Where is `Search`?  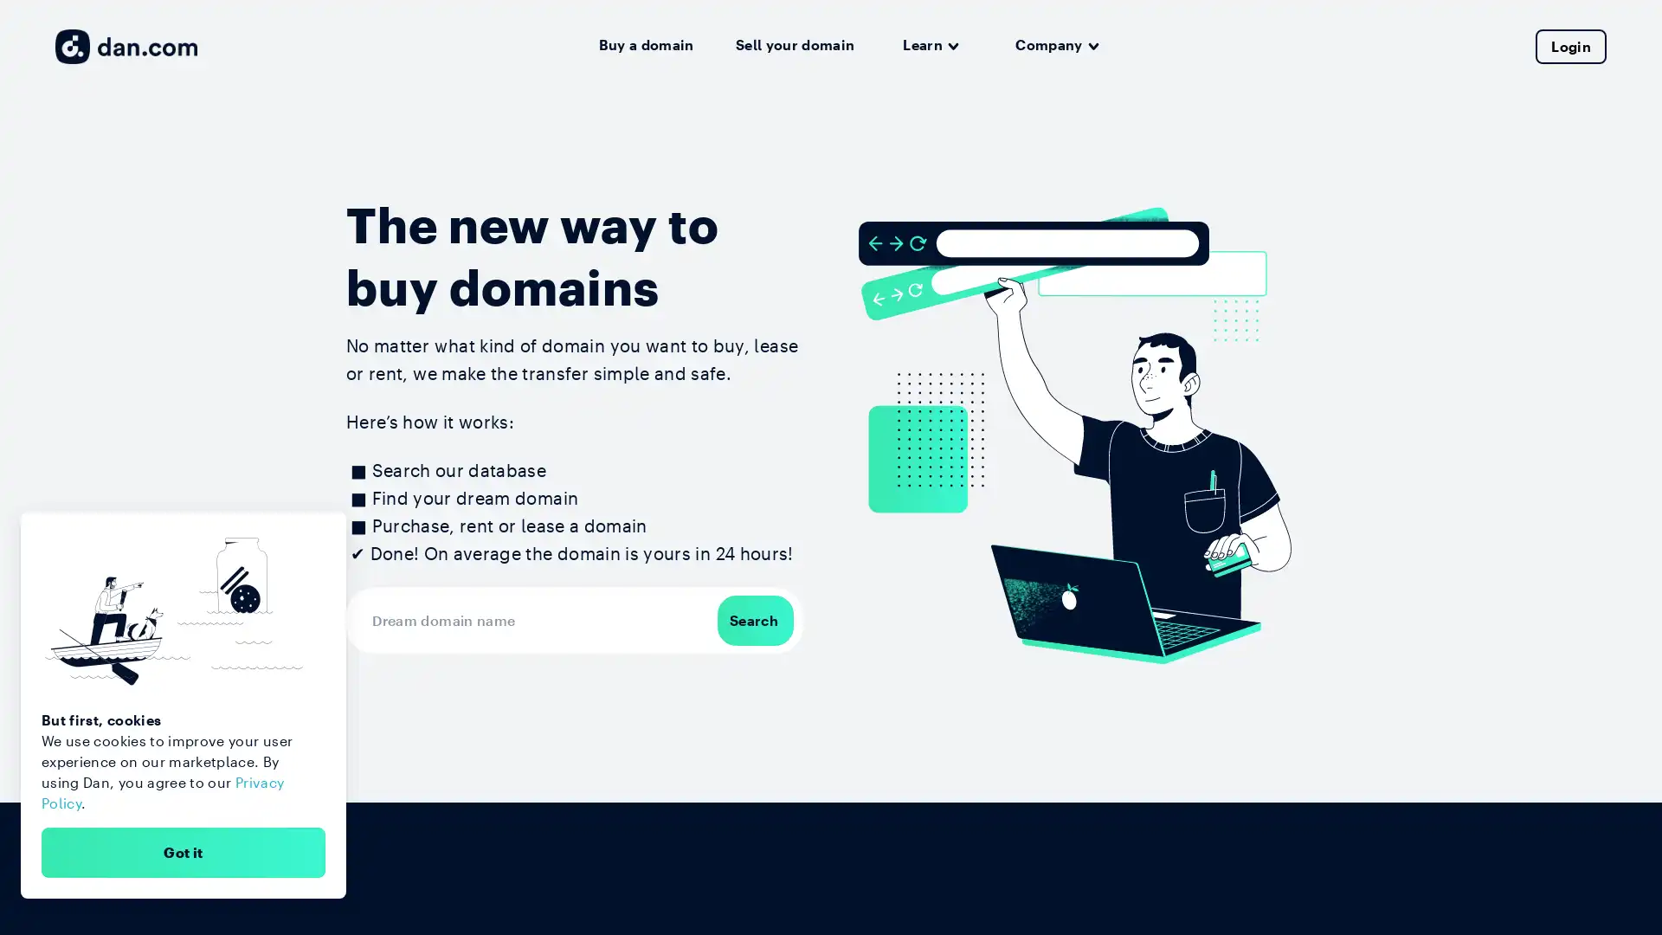
Search is located at coordinates (755, 619).